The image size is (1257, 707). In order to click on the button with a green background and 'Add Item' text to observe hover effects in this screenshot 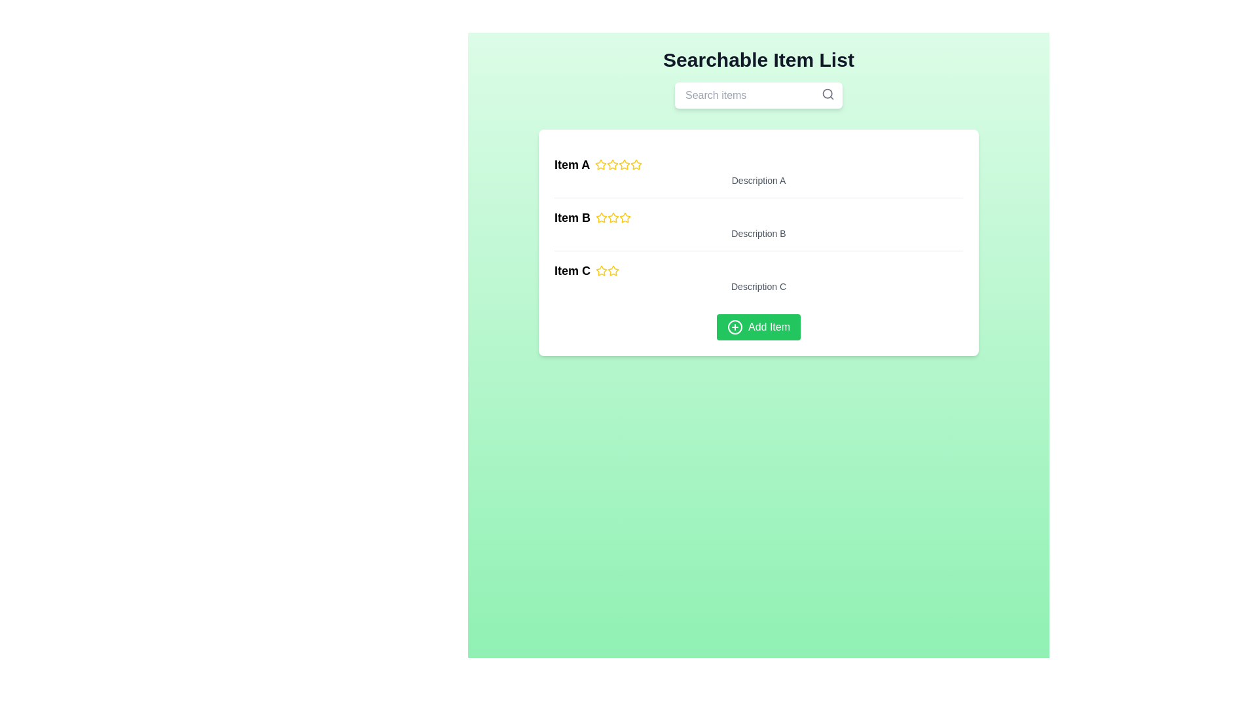, I will do `click(758, 327)`.